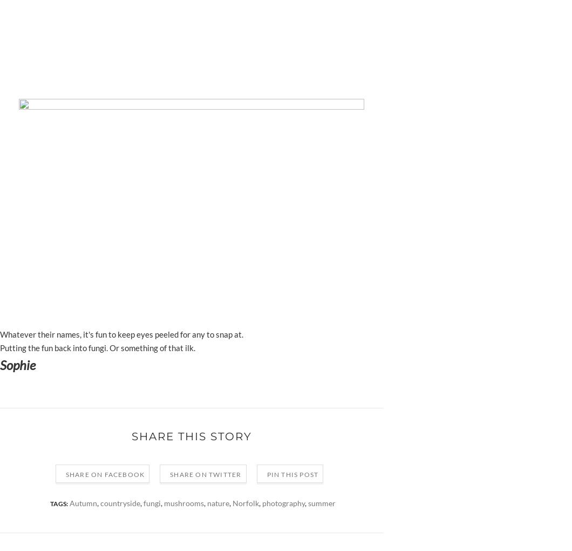  What do you see at coordinates (70, 503) in the screenshot?
I see `'Autumn'` at bounding box center [70, 503].